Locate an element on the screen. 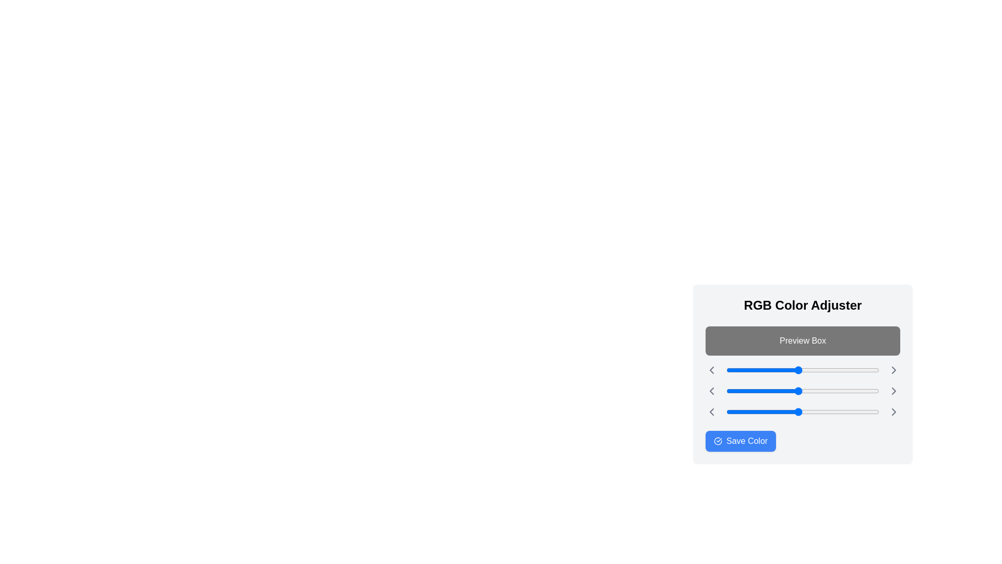  the 'Save Color' button is located at coordinates (740, 441).